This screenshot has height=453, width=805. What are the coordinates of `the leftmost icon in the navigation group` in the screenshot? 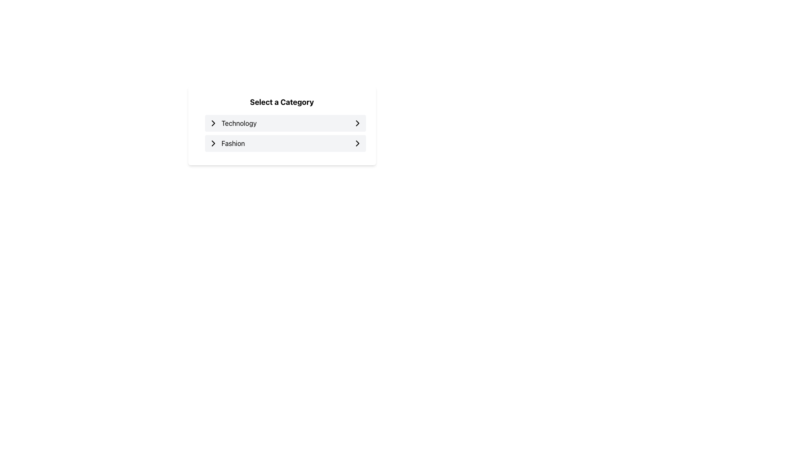 It's located at (213, 123).